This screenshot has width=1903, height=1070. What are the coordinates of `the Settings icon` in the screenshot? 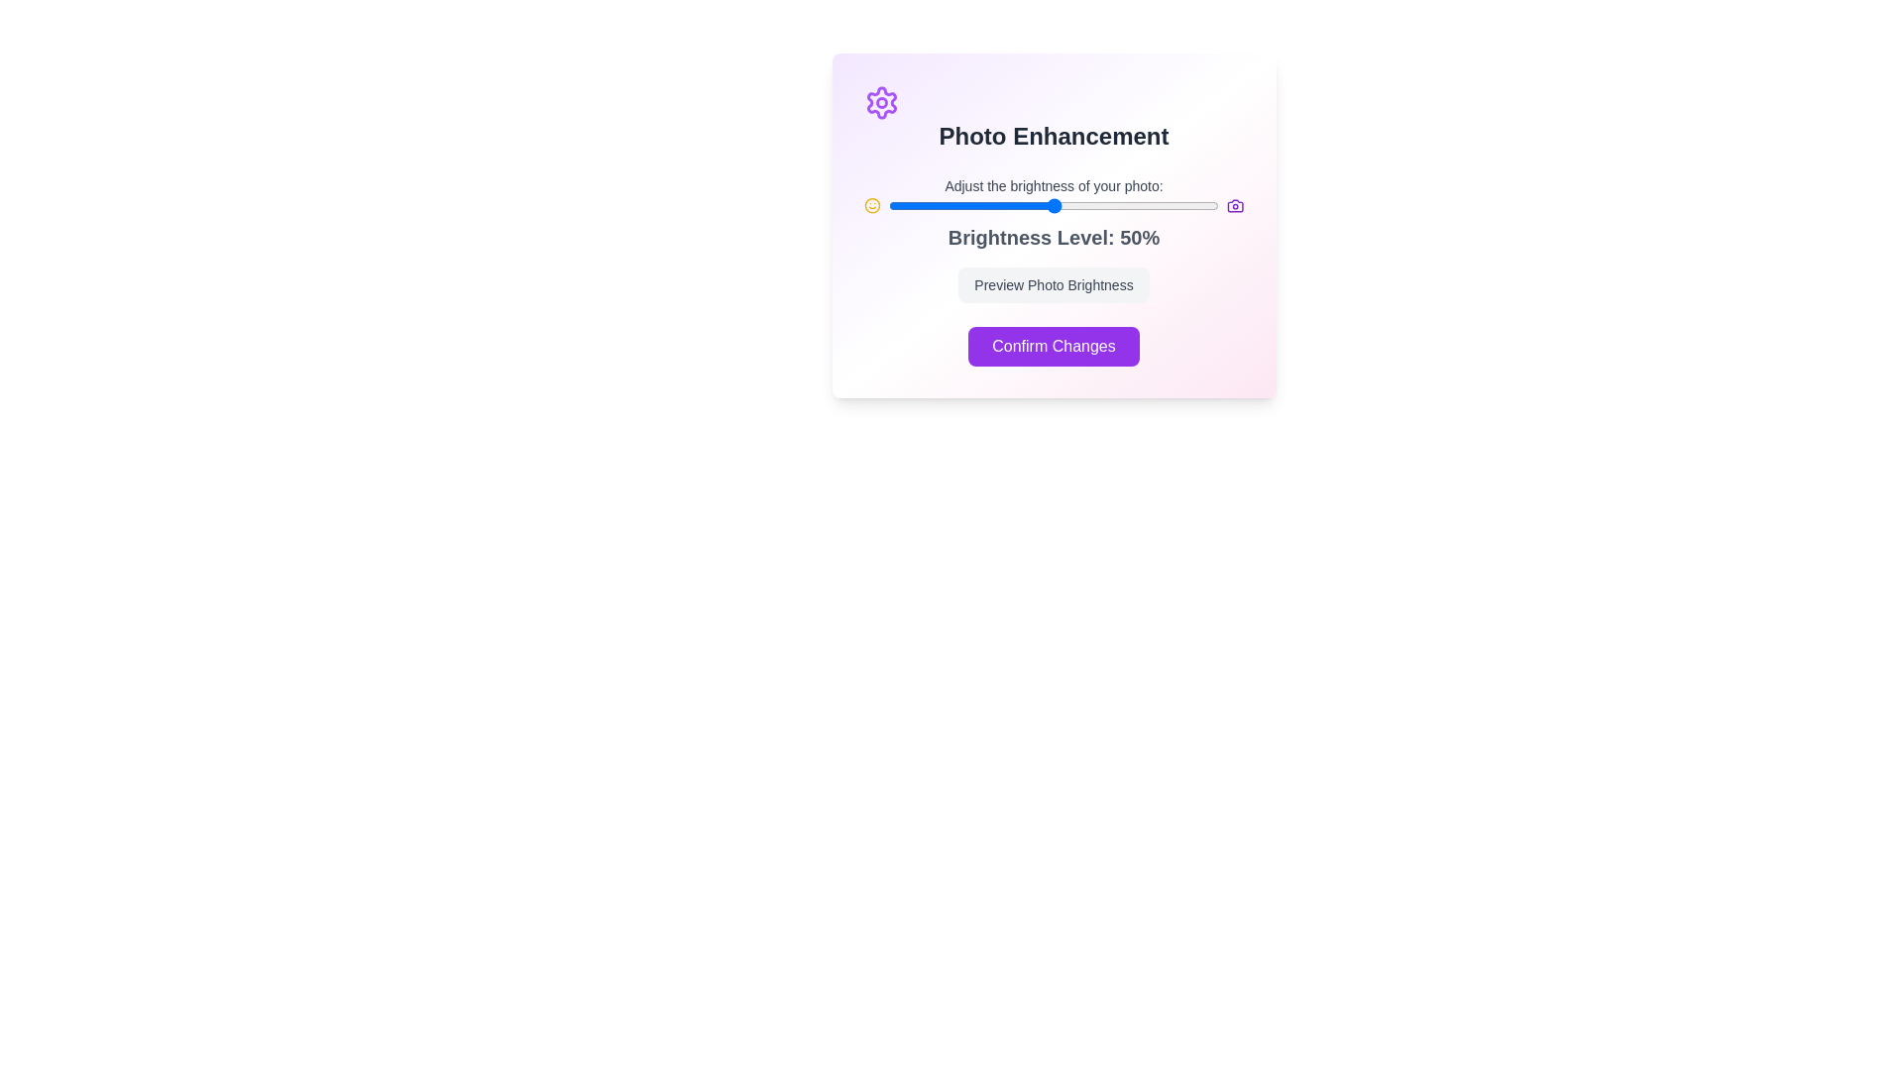 It's located at (880, 103).